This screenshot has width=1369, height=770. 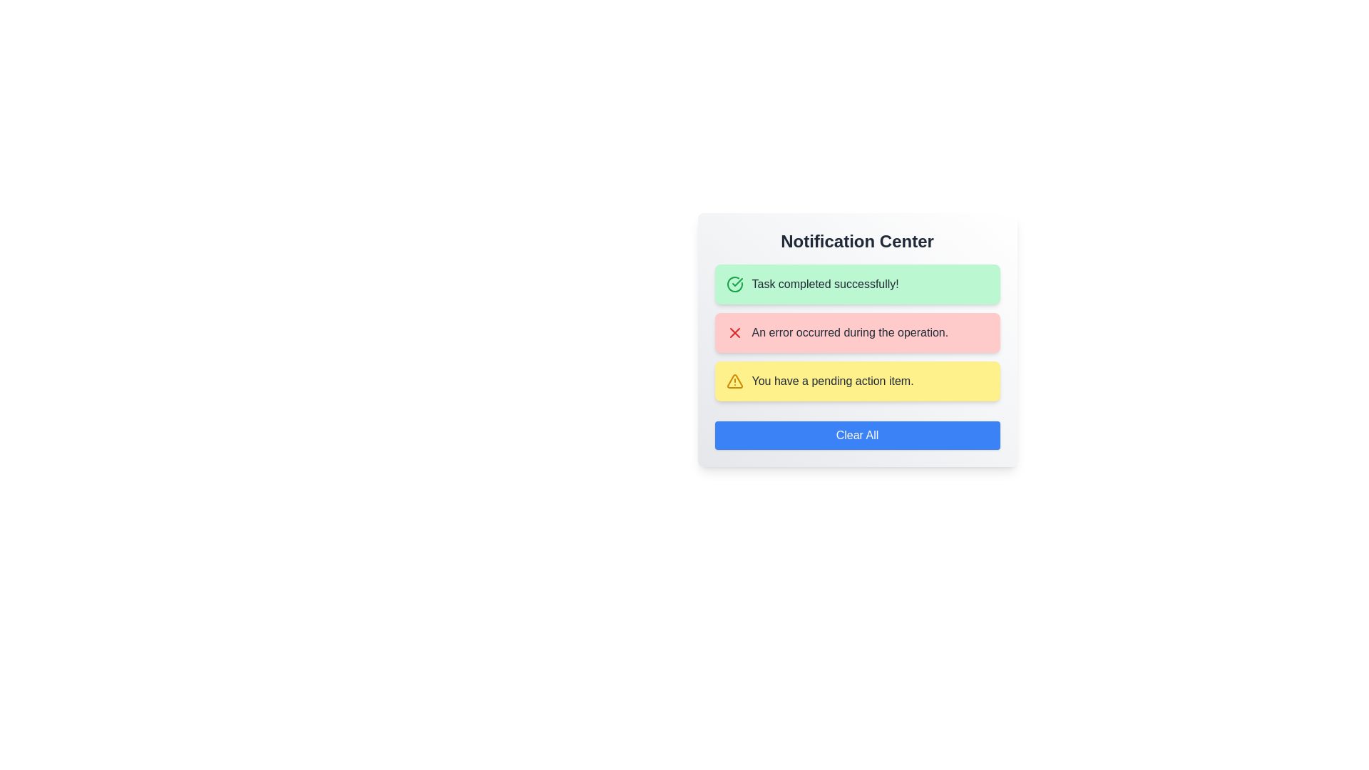 What do you see at coordinates (734, 332) in the screenshot?
I see `the red cross icon with diagonal lines forming an 'X' located in the second notification row with a pink background, to the left of the text 'An error occurred during the operation.'` at bounding box center [734, 332].